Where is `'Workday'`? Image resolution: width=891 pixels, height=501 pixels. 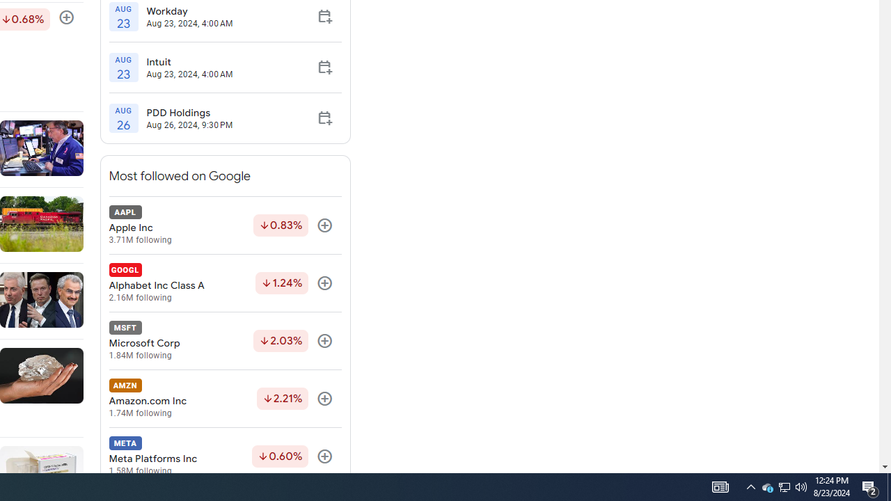
'Workday' is located at coordinates (189, 10).